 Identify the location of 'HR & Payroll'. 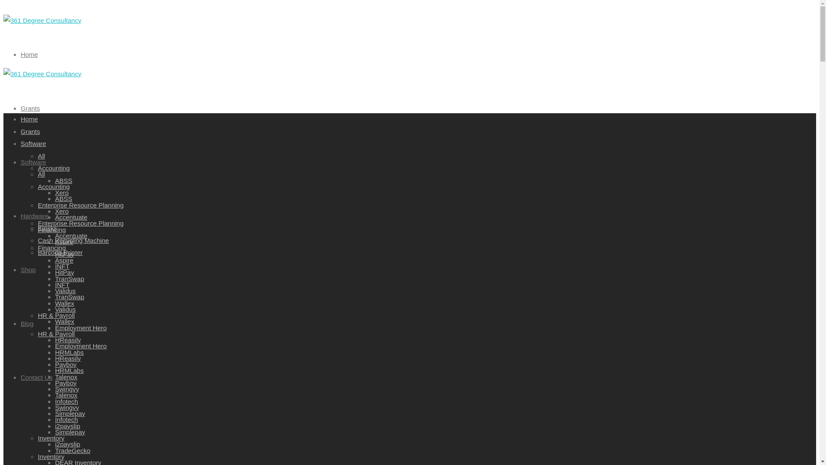
(37, 333).